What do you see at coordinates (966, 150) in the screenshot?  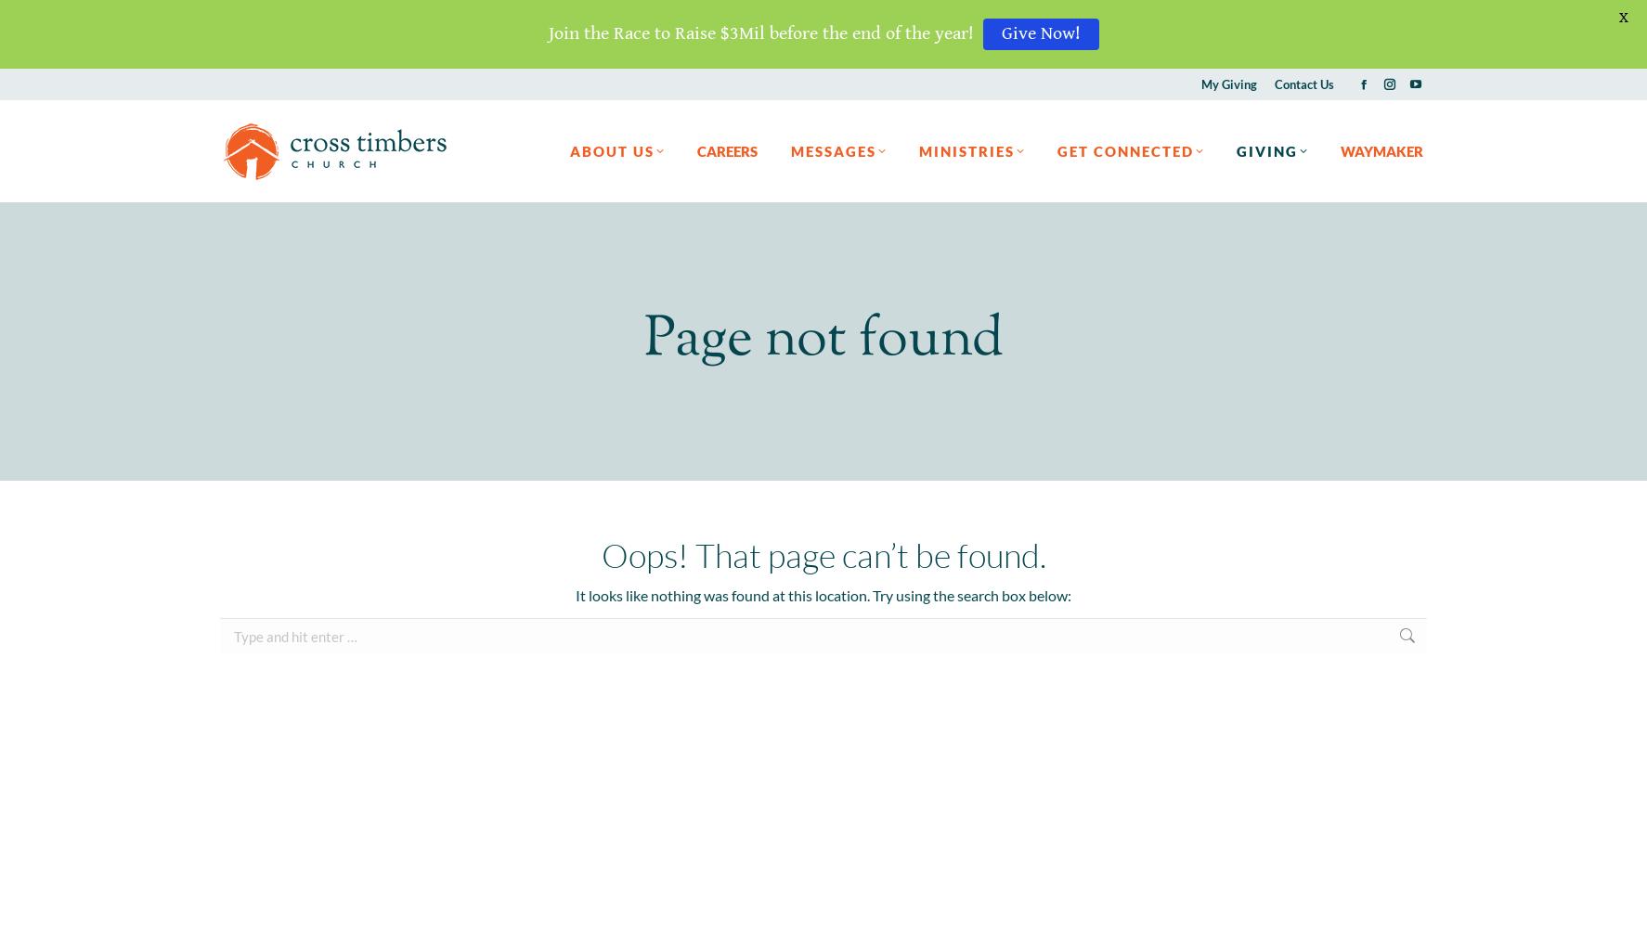 I see `'Ministries'` at bounding box center [966, 150].